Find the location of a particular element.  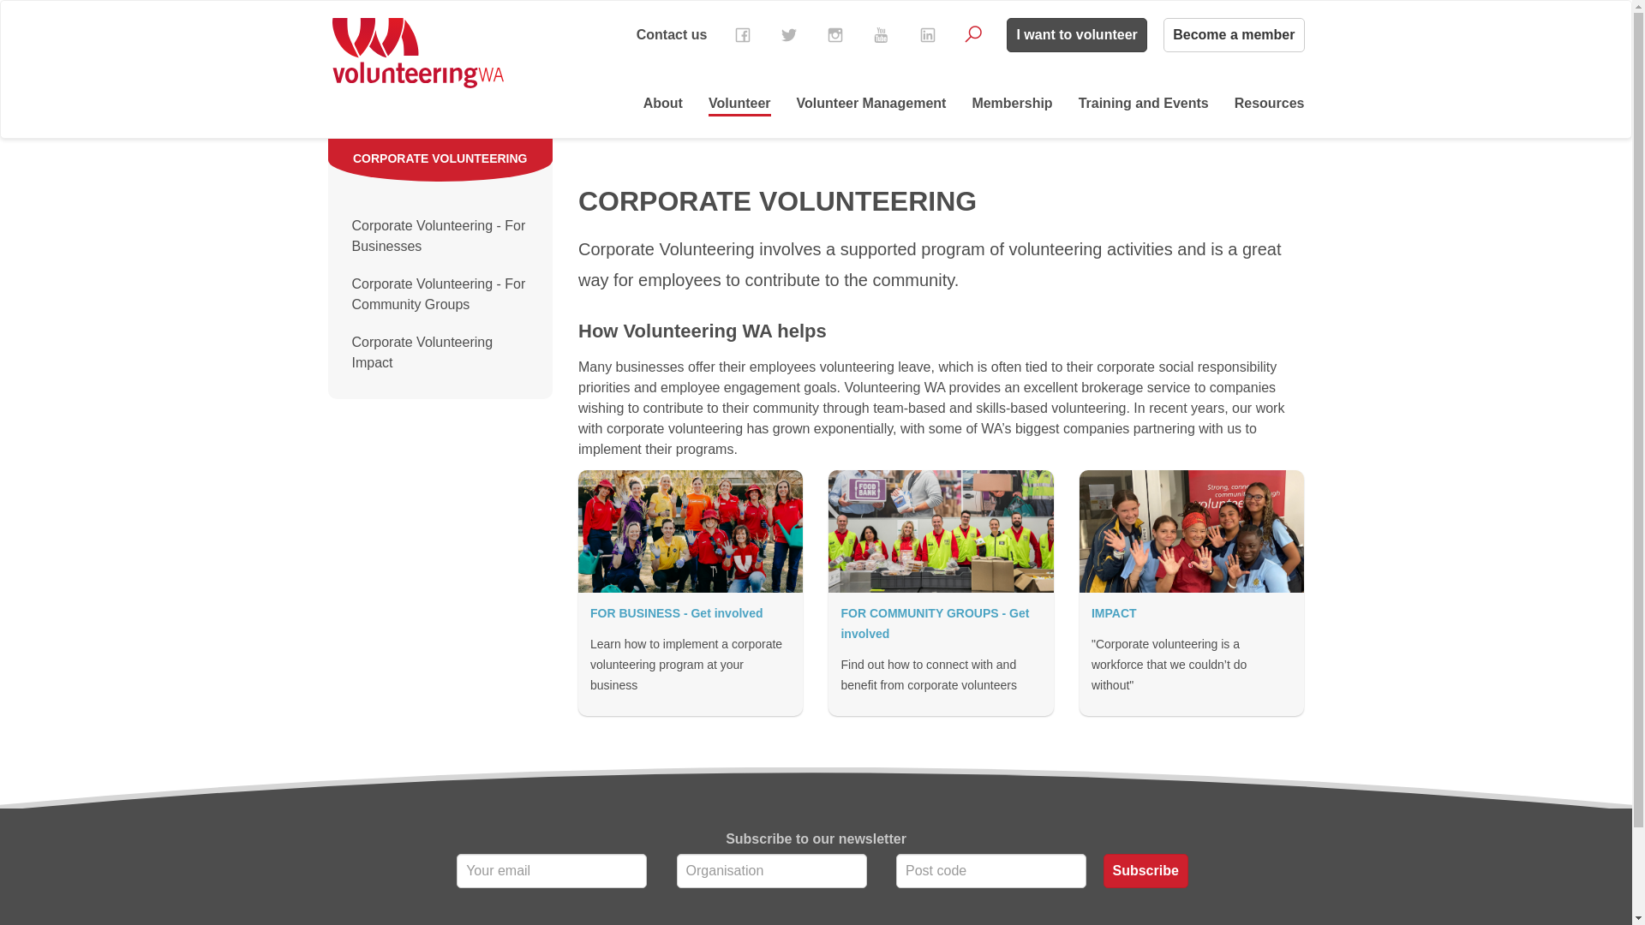

'YouTube' is located at coordinates (881, 35).